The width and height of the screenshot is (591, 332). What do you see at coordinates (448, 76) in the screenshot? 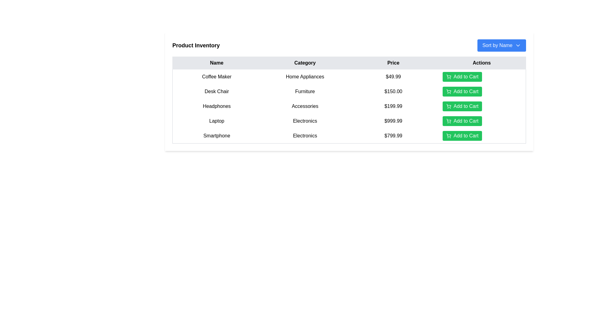
I see `the larger button area containing the stylized shopping cart icon representing the cart's body structure, located in the 'Actions' column of the table for the 'Coffee Maker' product` at bounding box center [448, 76].